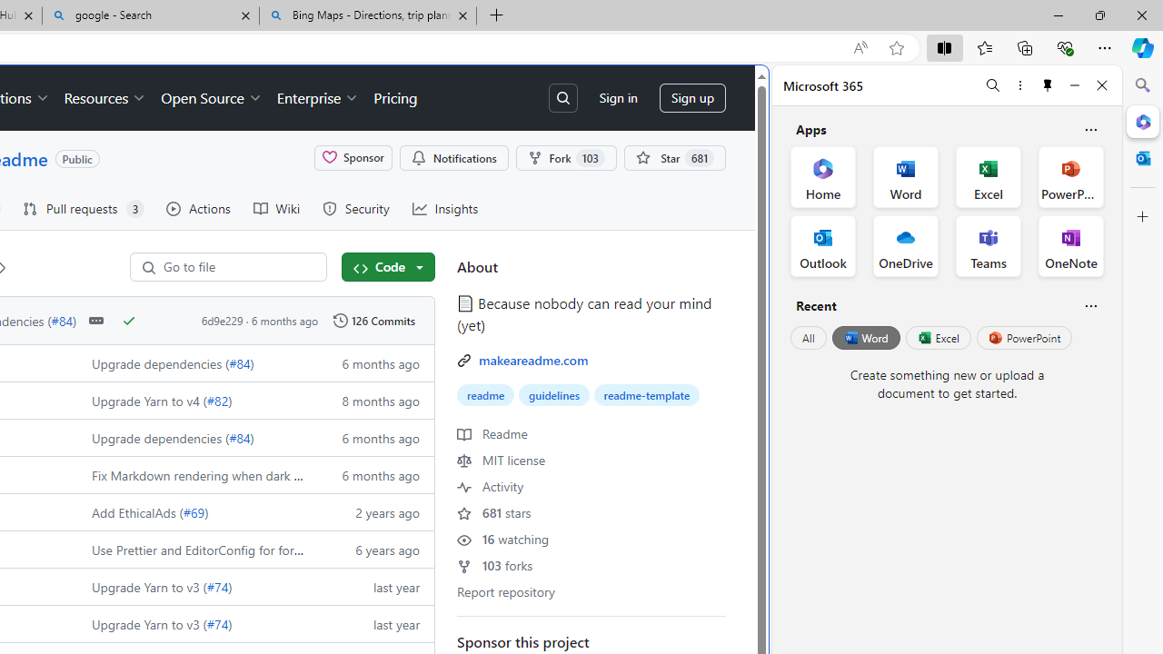 Image resolution: width=1163 pixels, height=654 pixels. I want to click on 'Resources', so click(104, 98).